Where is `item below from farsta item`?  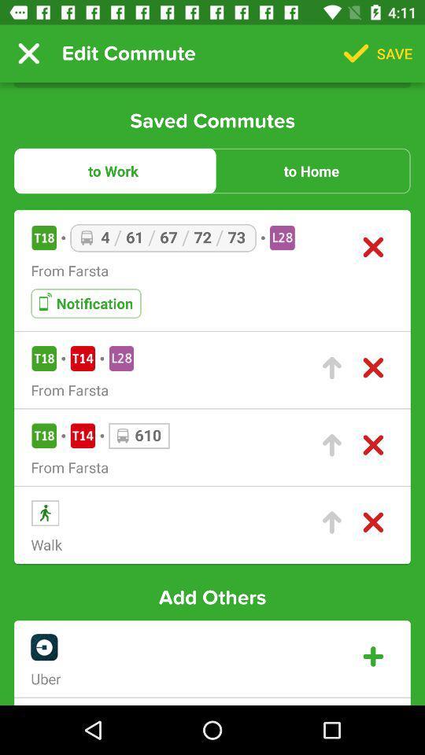
item below from farsta item is located at coordinates (86, 303).